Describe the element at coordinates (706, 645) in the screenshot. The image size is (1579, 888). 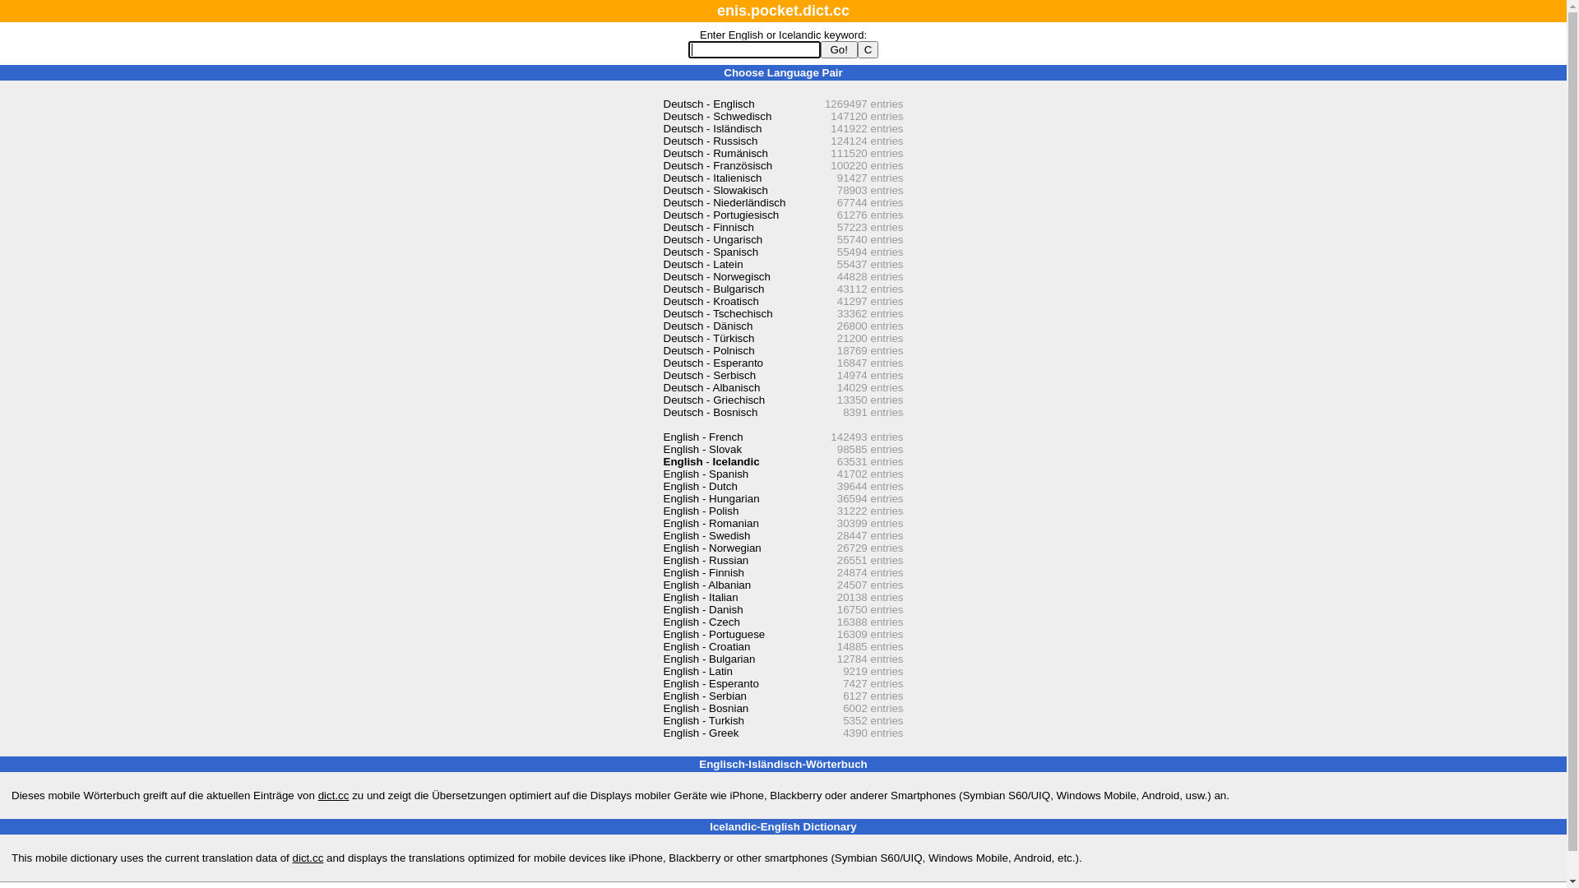
I see `'English - Croatian'` at that location.